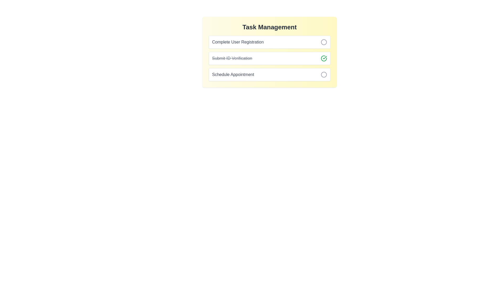 The image size is (504, 283). Describe the element at coordinates (238, 42) in the screenshot. I see `the static text label indicating the task 'Complete User Registration' located in the first row of the task list under the 'Task Management' header` at that location.